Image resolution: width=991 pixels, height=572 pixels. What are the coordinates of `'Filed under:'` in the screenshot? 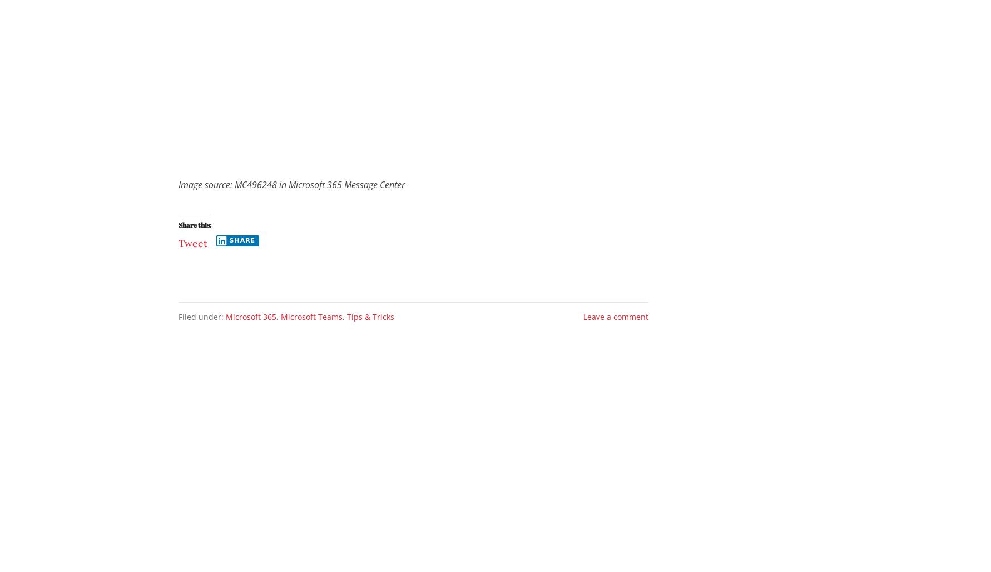 It's located at (202, 317).